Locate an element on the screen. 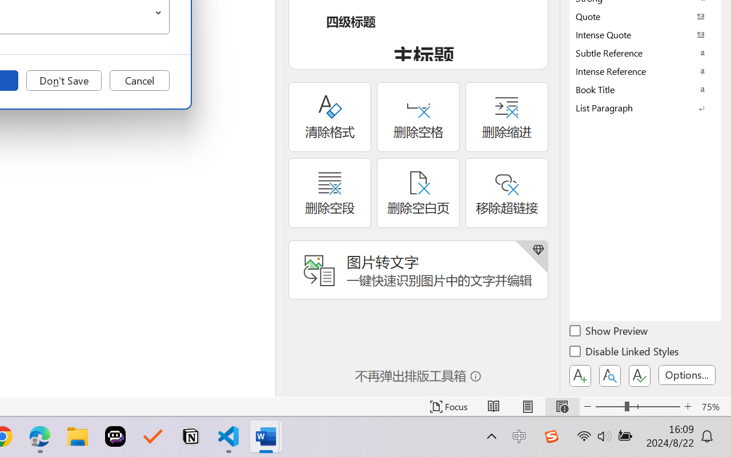 This screenshot has height=457, width=731. 'Intense Quote' is located at coordinates (645, 34).